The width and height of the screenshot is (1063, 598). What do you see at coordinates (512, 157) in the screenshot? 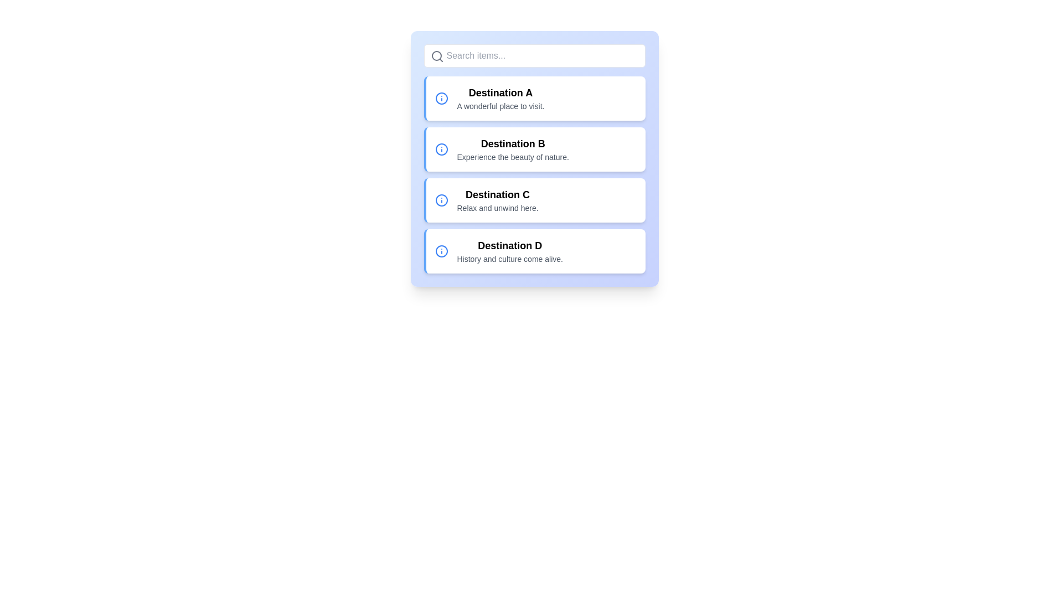
I see `the descriptive text label that provides additional details about 'Destination B', which is located below the heading 'Destination B' in the second row of destination cards` at bounding box center [512, 157].